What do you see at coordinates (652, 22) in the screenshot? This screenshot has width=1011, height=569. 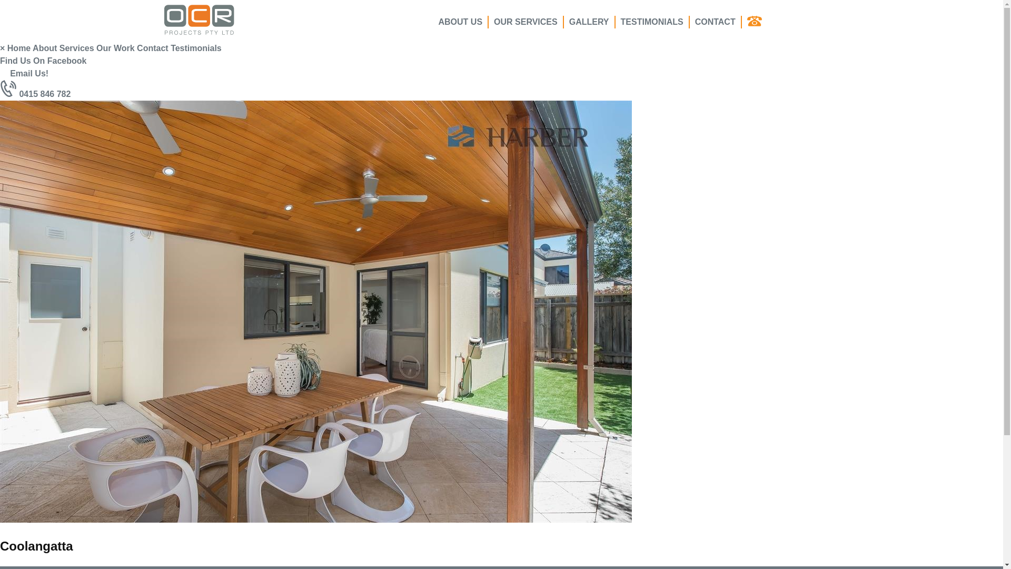 I see `'TESTIMONIALS'` at bounding box center [652, 22].